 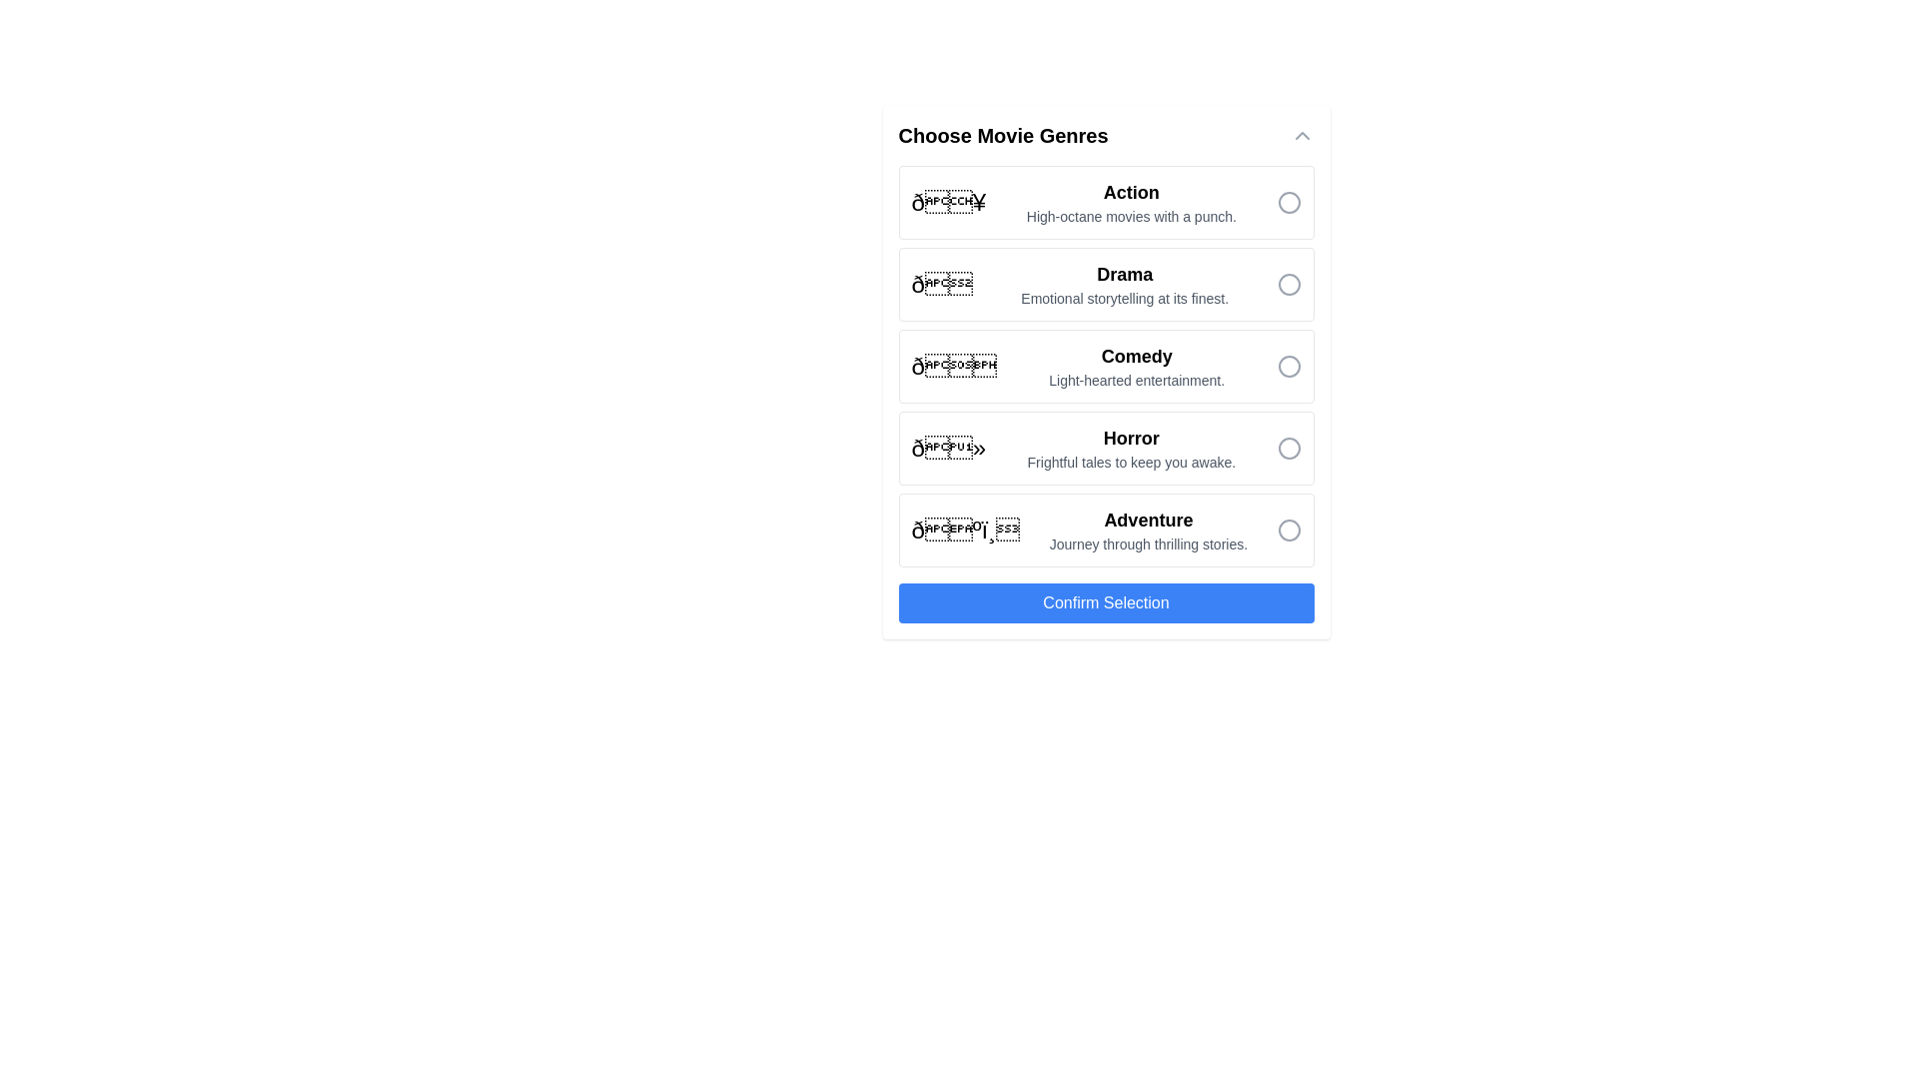 I want to click on the 'Horror' text label, so click(x=1131, y=438).